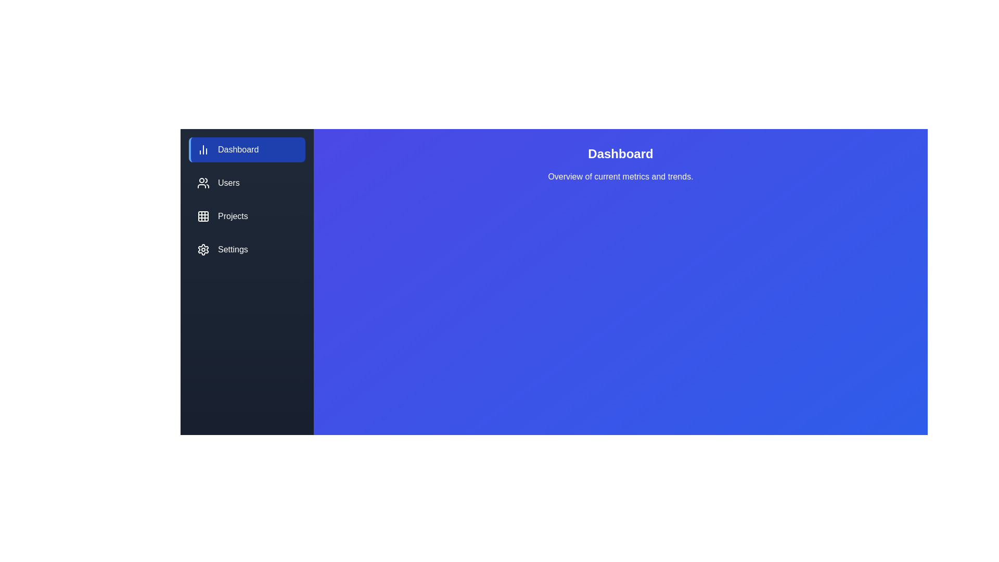 The width and height of the screenshot is (999, 562). Describe the element at coordinates (247, 216) in the screenshot. I see `the Projects tab to observe visual feedback` at that location.